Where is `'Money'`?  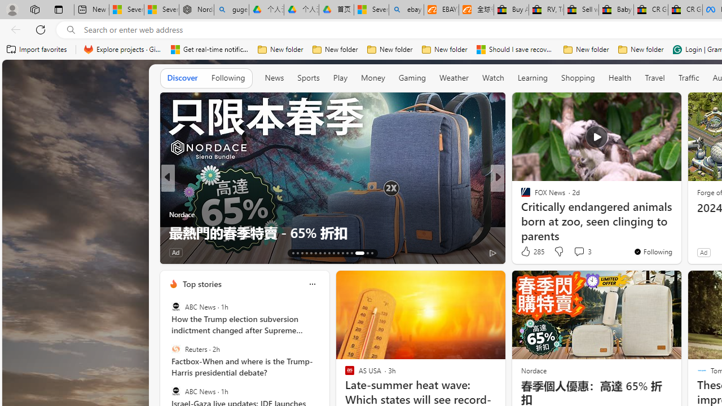 'Money' is located at coordinates (373, 77).